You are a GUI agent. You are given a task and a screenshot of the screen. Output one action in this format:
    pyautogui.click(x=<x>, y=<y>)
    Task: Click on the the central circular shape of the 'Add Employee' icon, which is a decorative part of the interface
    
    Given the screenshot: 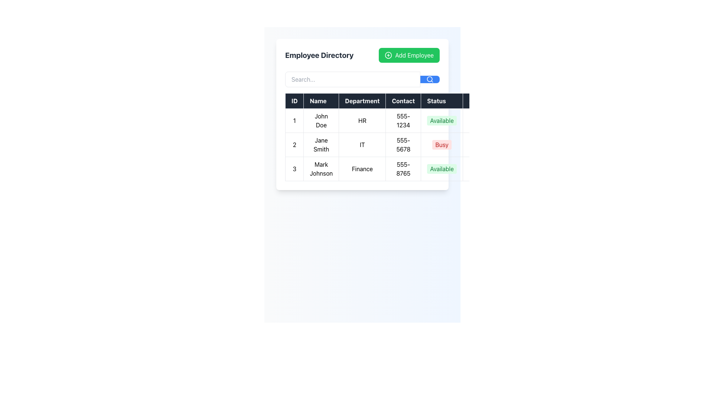 What is the action you would take?
    pyautogui.click(x=388, y=55)
    